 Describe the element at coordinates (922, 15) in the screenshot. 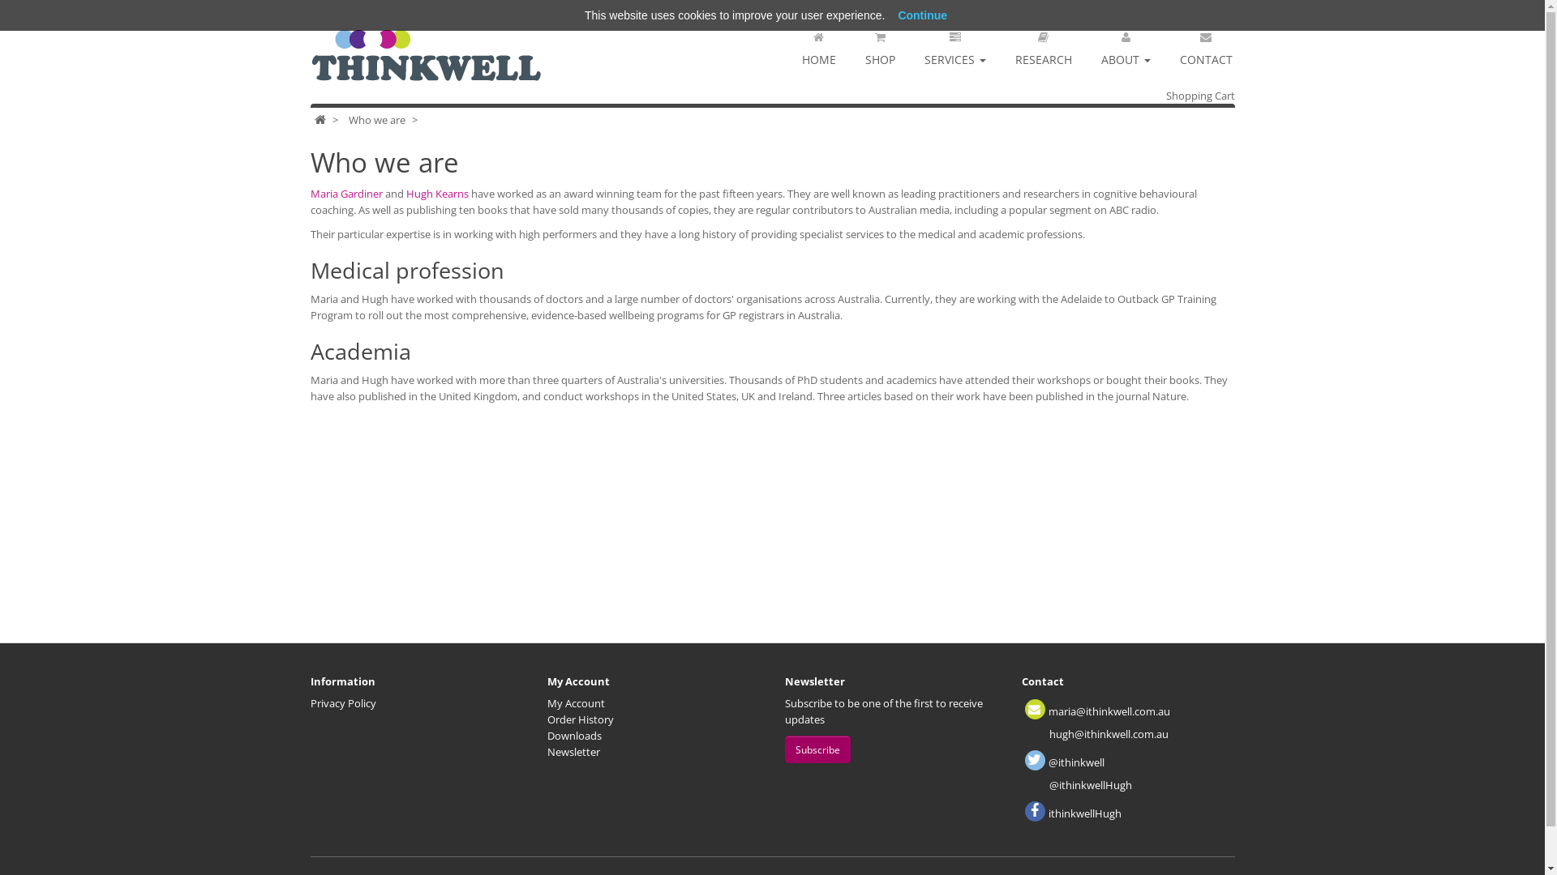

I see `'Continue'` at that location.